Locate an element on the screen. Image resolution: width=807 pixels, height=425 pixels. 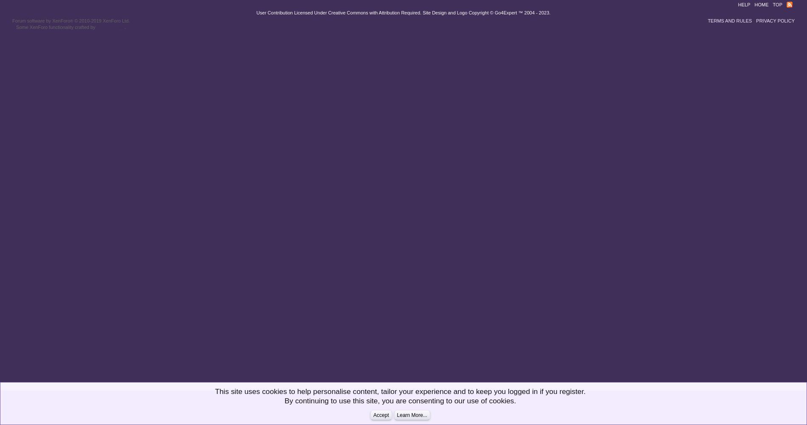
'Terms and Rules' is located at coordinates (729, 21).